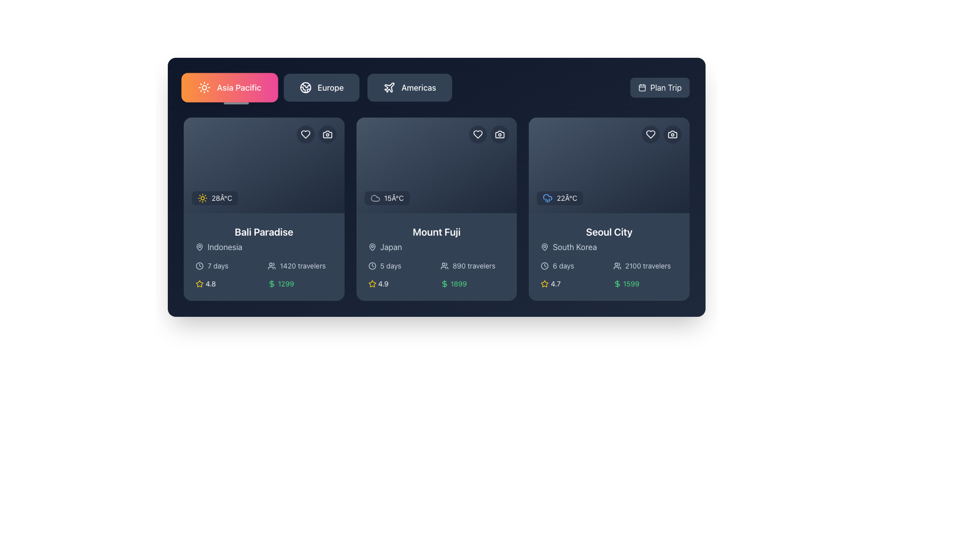 This screenshot has height=538, width=956. I want to click on the text label displaying '28°C' in white font, located at the top-left corner of the 'Bali Paradise' destination card, positioned to the right of a sun icon, so click(221, 198).